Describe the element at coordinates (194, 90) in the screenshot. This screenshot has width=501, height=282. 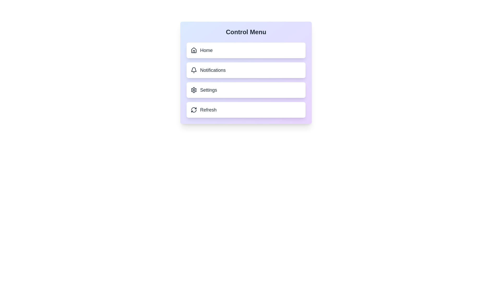
I see `the icon associated with the menu option Settings` at that location.